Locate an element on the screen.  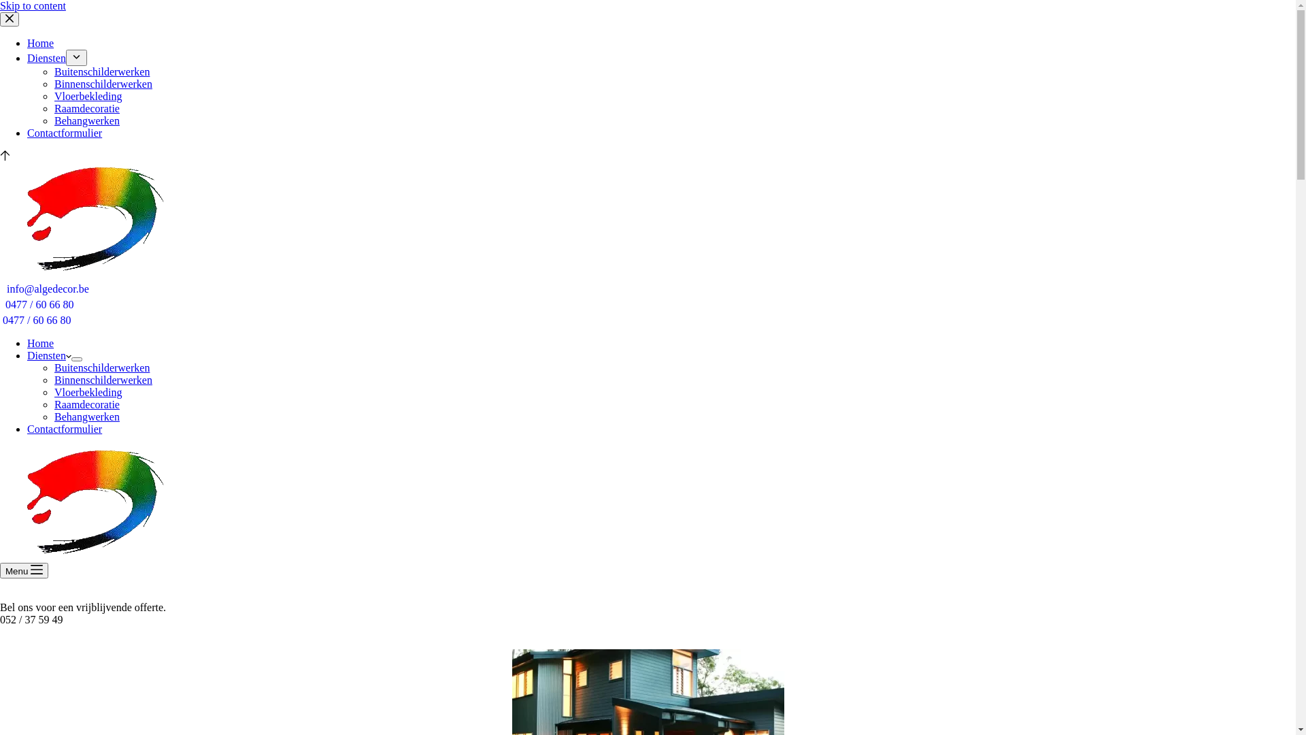
'Menu' is located at coordinates (0, 570).